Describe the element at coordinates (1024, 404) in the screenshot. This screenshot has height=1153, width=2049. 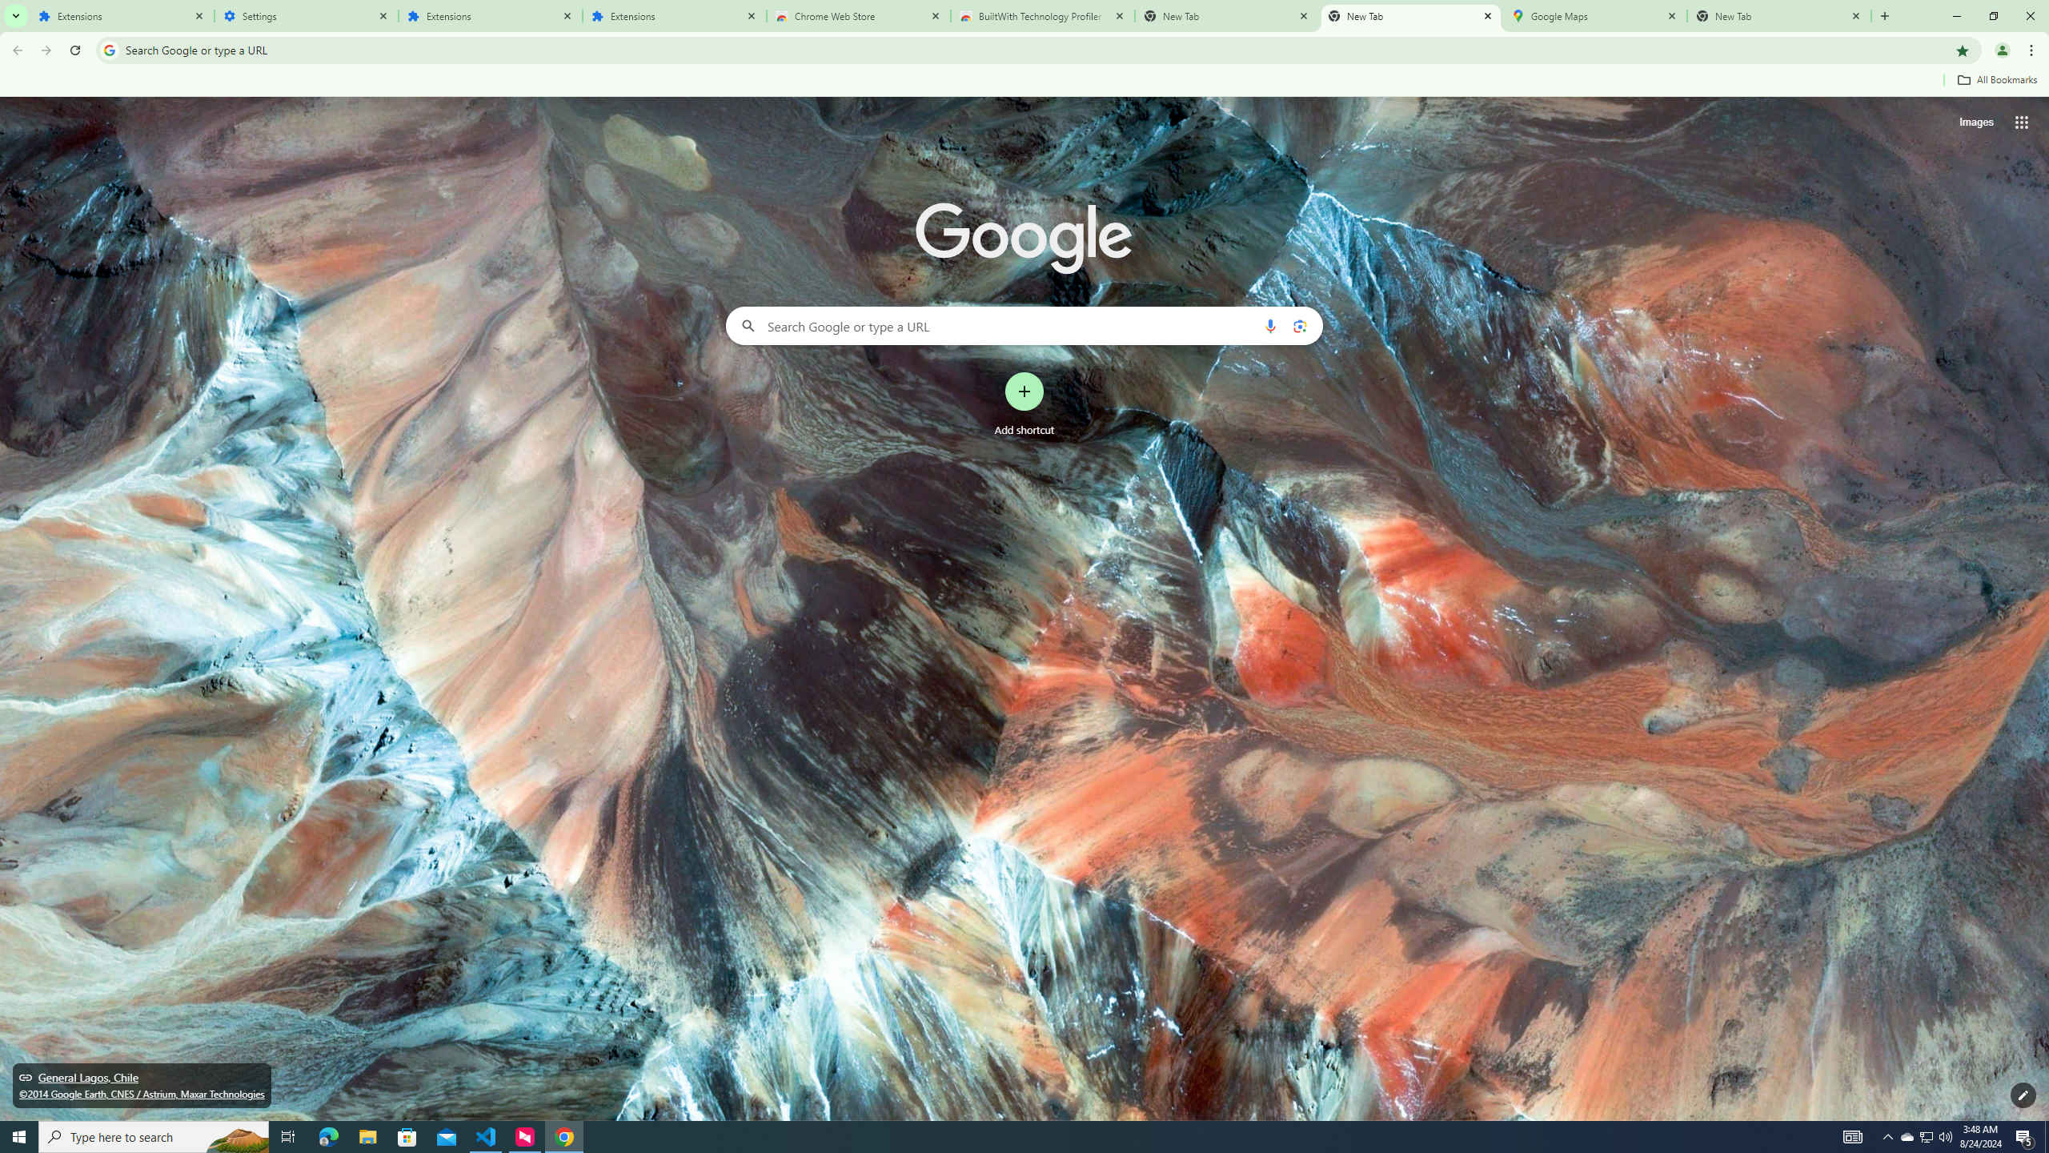
I see `'Add shortcut'` at that location.